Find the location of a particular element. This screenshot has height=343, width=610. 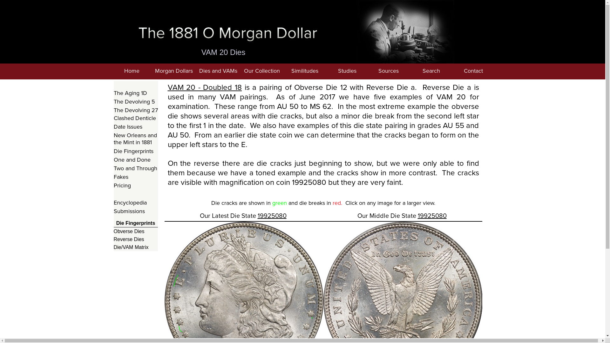

'Similitudes' is located at coordinates (304, 71).